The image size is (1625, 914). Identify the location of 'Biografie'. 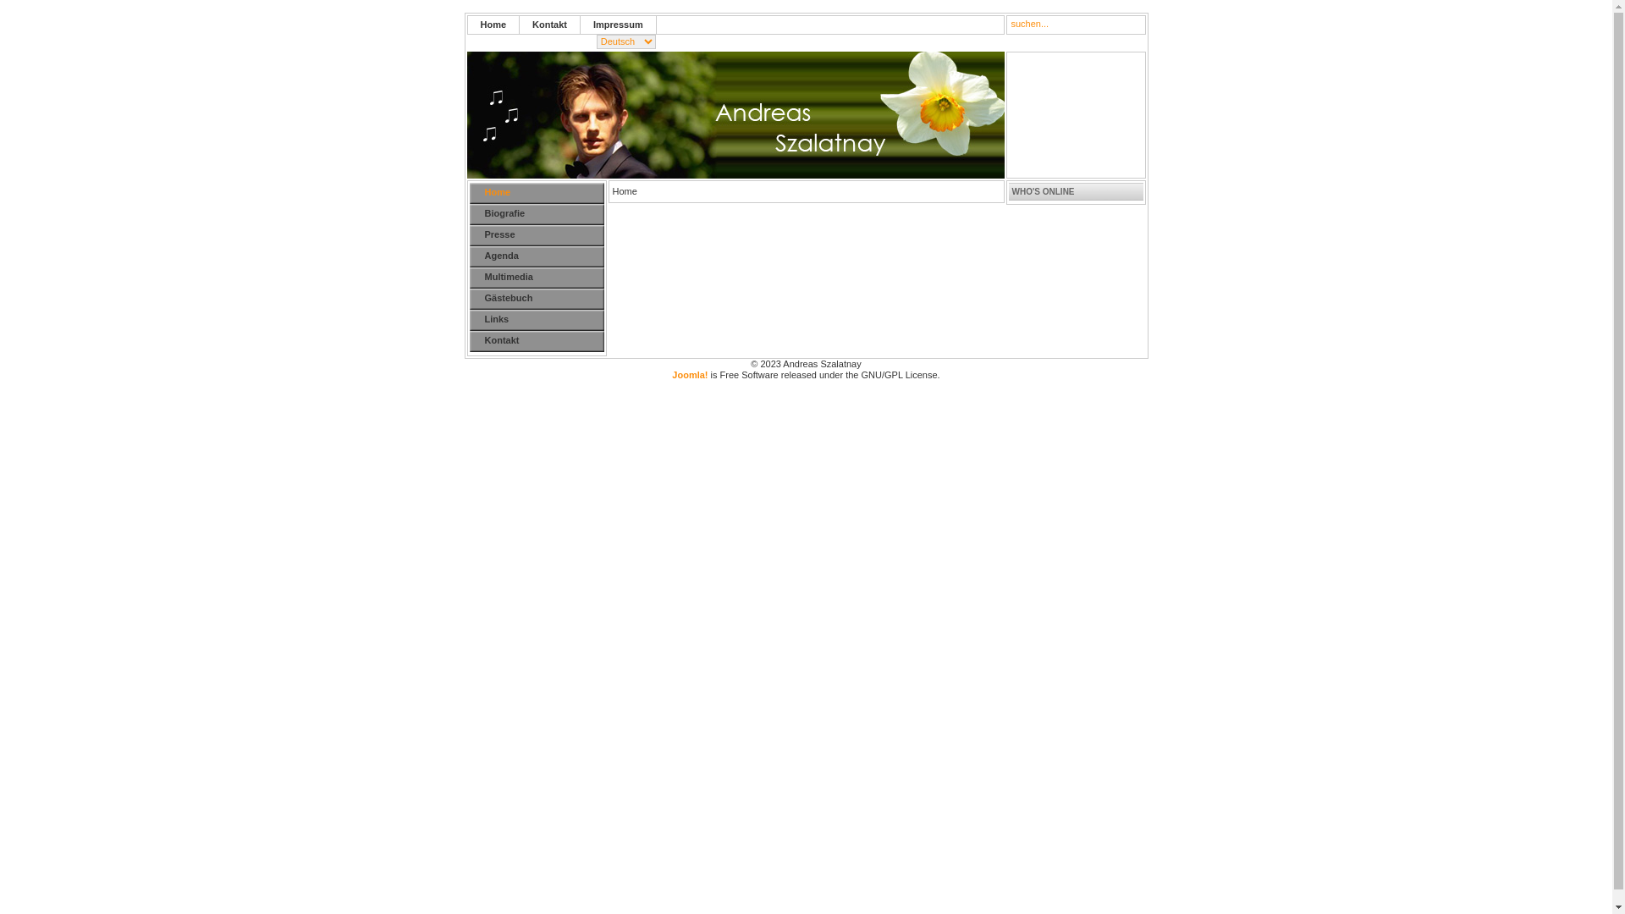
(543, 213).